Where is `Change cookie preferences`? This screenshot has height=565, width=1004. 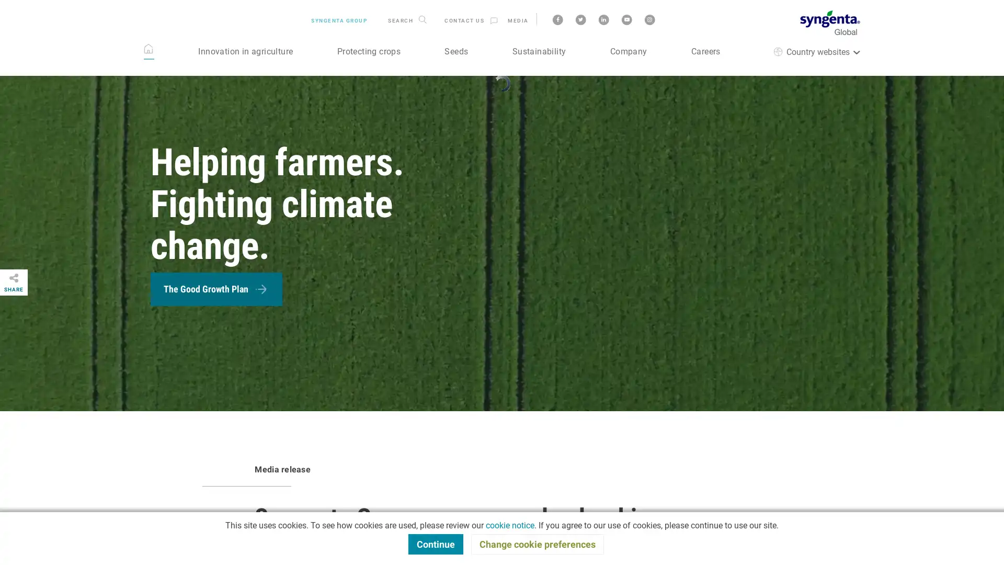 Change cookie preferences is located at coordinates (537, 544).